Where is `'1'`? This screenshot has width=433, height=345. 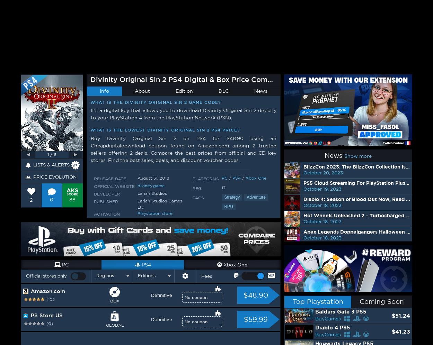
'1' is located at coordinates (218, 75).